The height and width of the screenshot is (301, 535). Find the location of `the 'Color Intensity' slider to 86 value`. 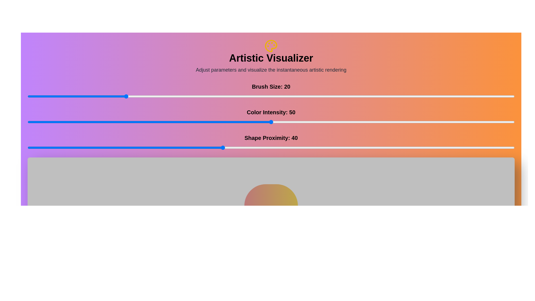

the 'Color Intensity' slider to 86 value is located at coordinates (446, 122).